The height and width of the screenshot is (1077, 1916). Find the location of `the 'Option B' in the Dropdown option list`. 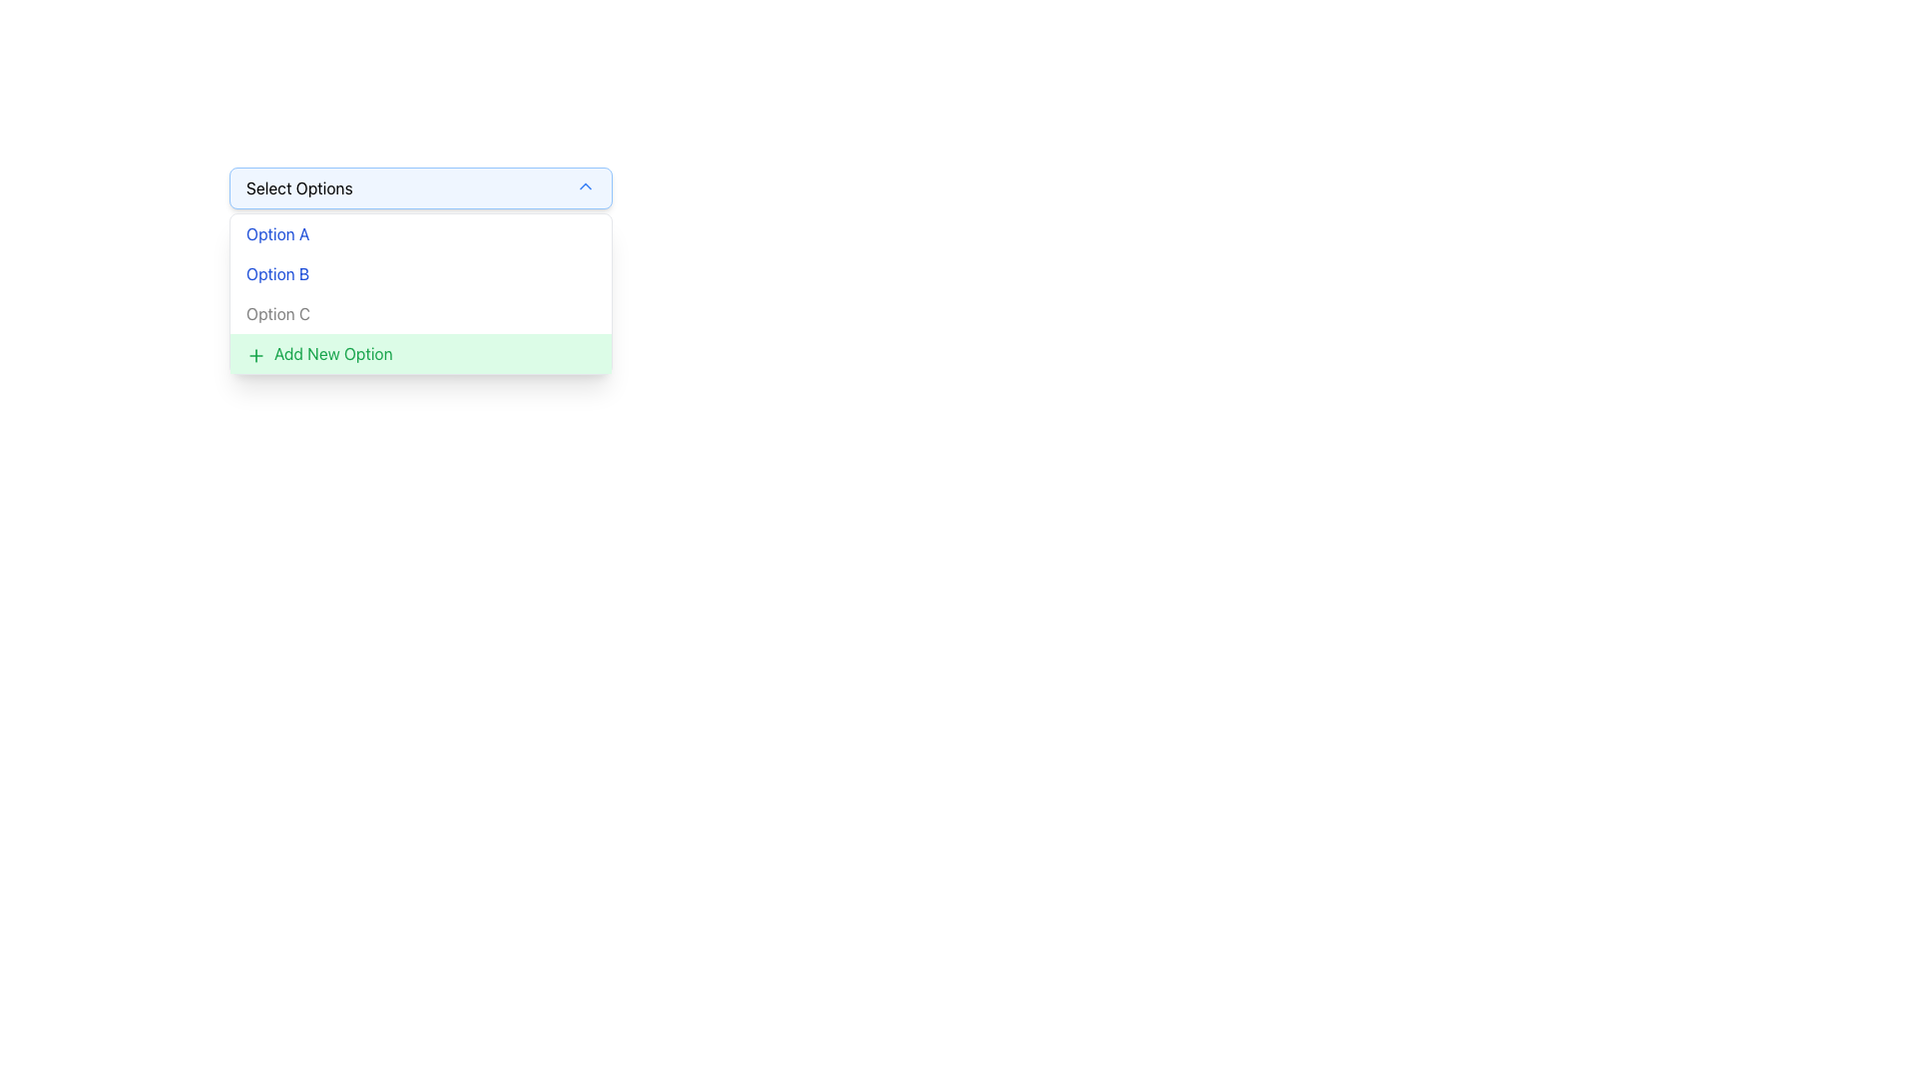

the 'Option B' in the Dropdown option list is located at coordinates (420, 273).